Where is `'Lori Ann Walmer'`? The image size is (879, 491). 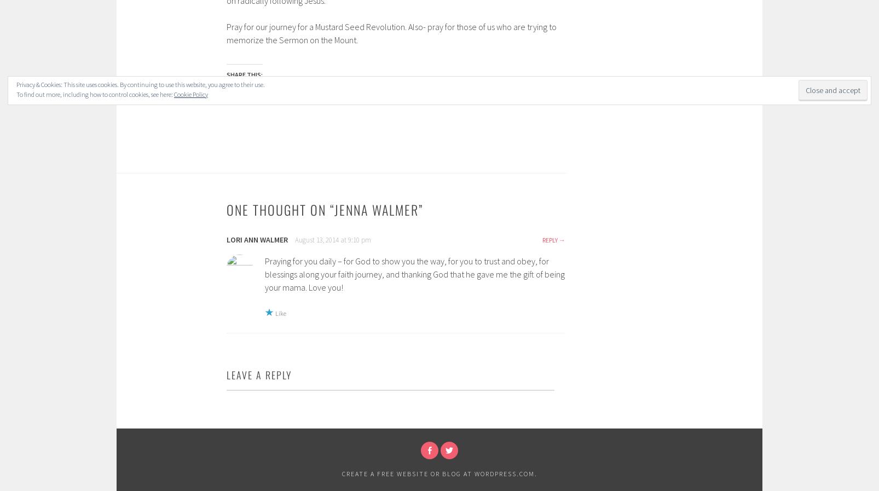 'Lori Ann Walmer' is located at coordinates (227, 239).